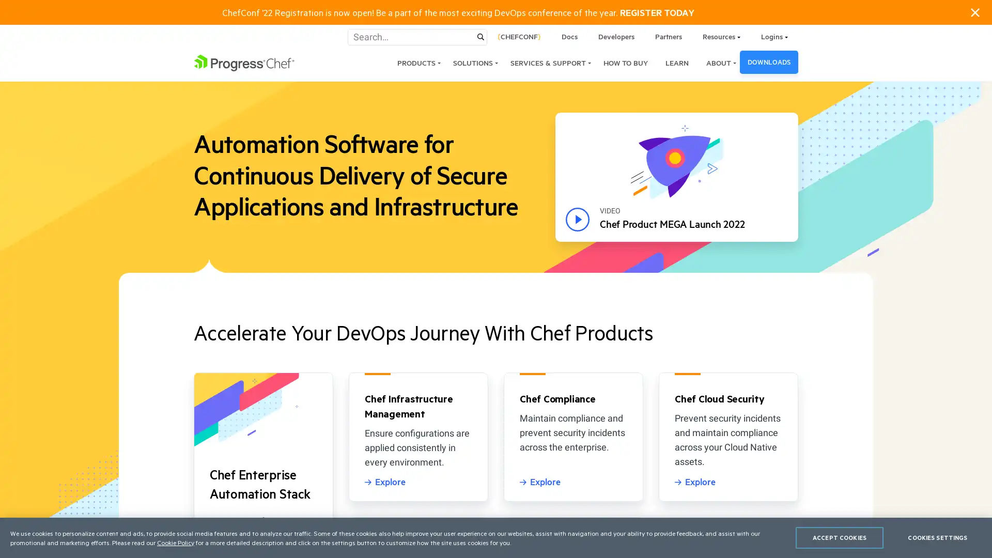 The image size is (992, 558). I want to click on Logins, so click(774, 37).